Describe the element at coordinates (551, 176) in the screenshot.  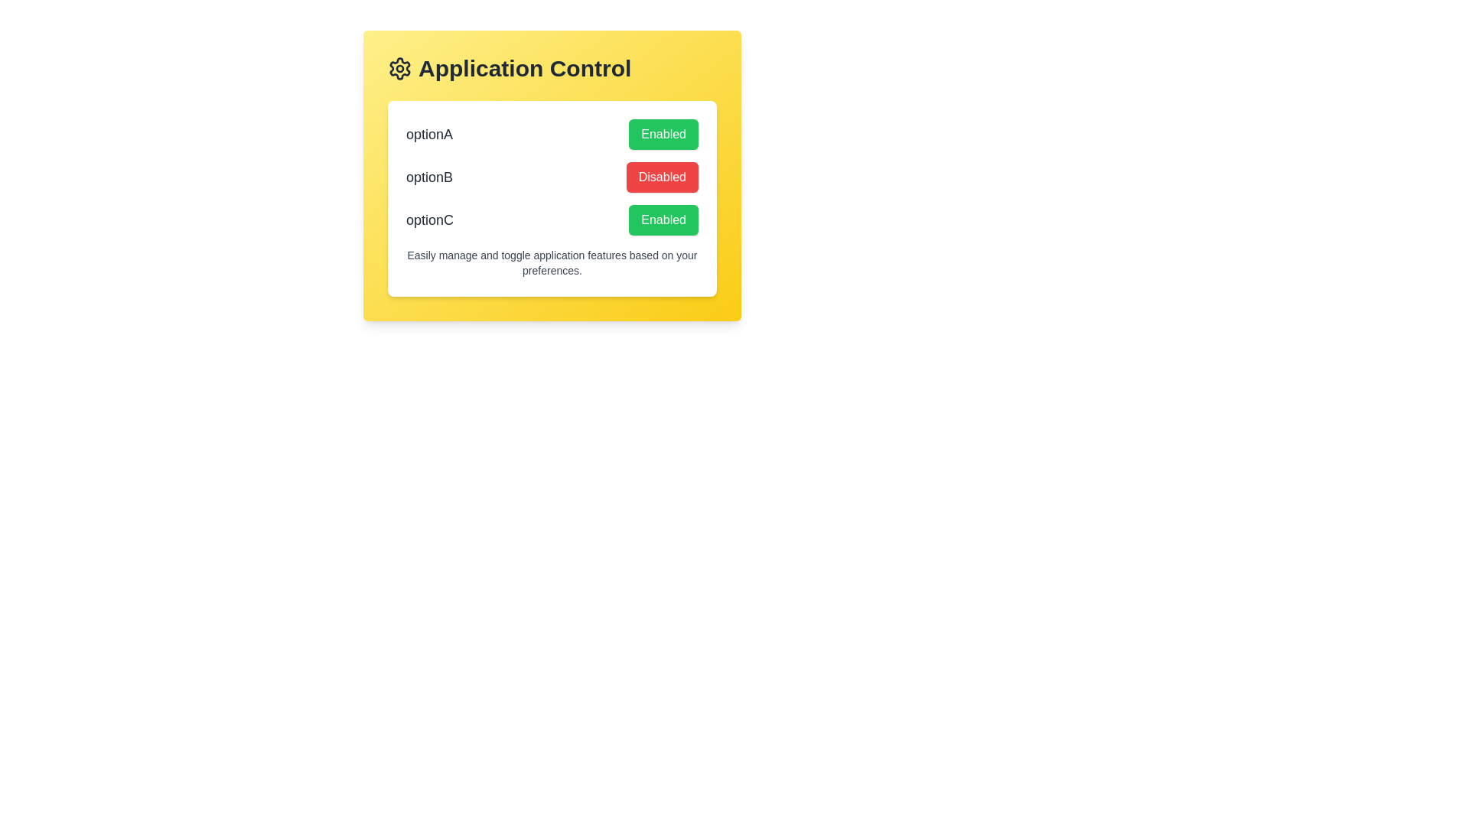
I see `the second toggle option button in the control panel, which is currently 'Disabled', to attempt an action` at that location.